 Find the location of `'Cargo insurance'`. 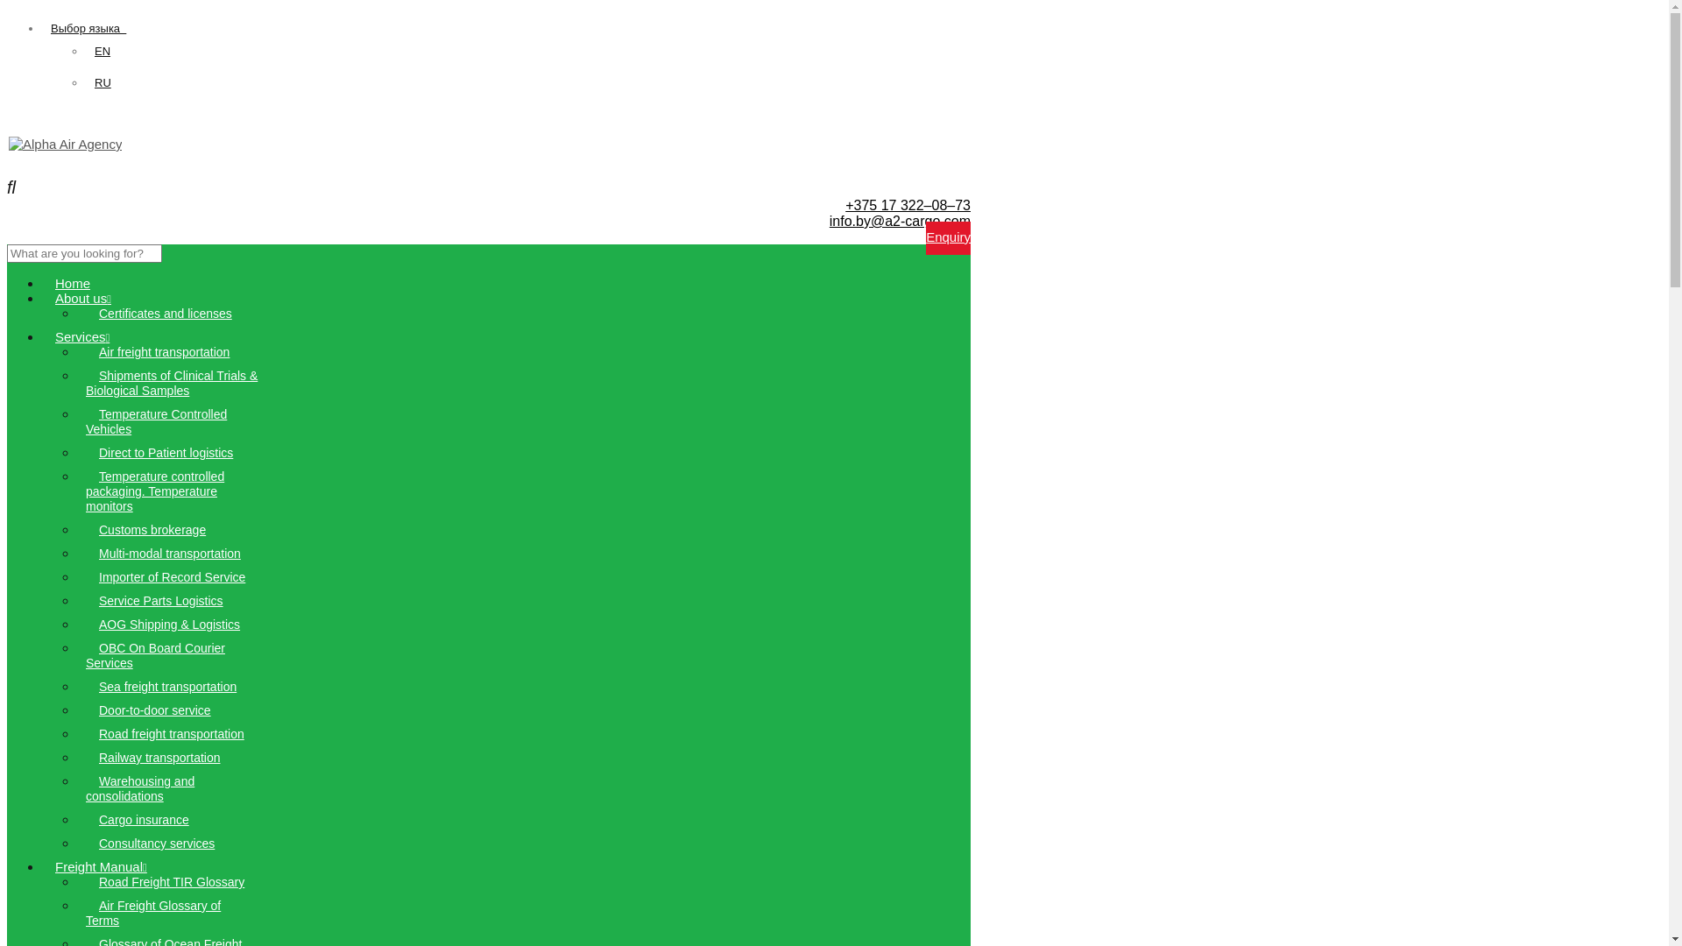

'Cargo insurance' is located at coordinates (144, 820).